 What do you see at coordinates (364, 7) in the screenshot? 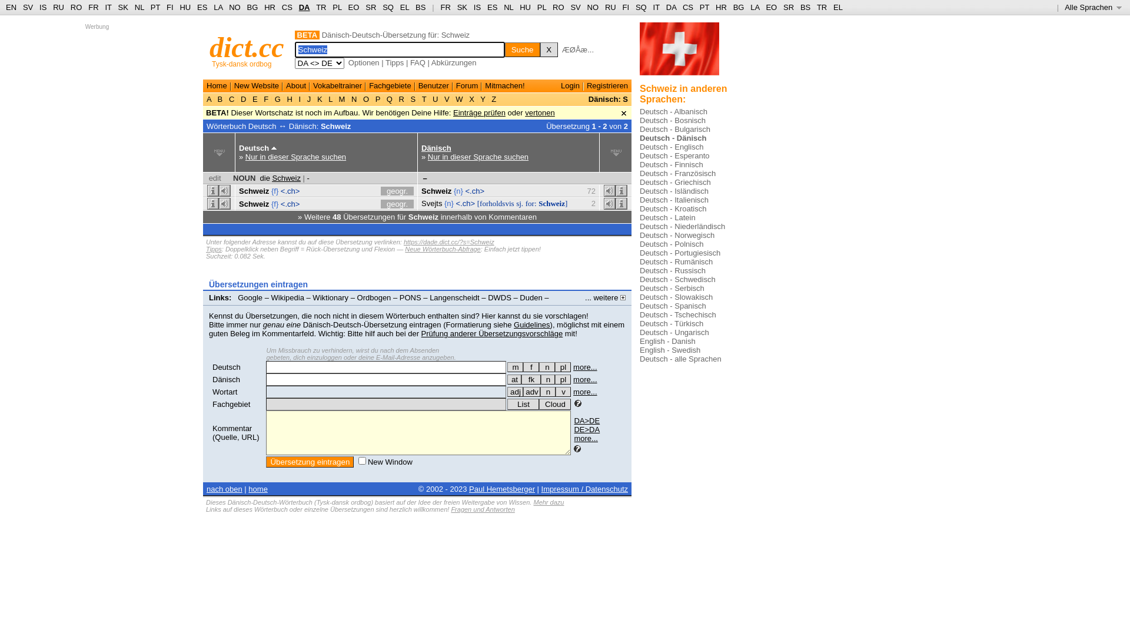
I see `'SR'` at bounding box center [364, 7].